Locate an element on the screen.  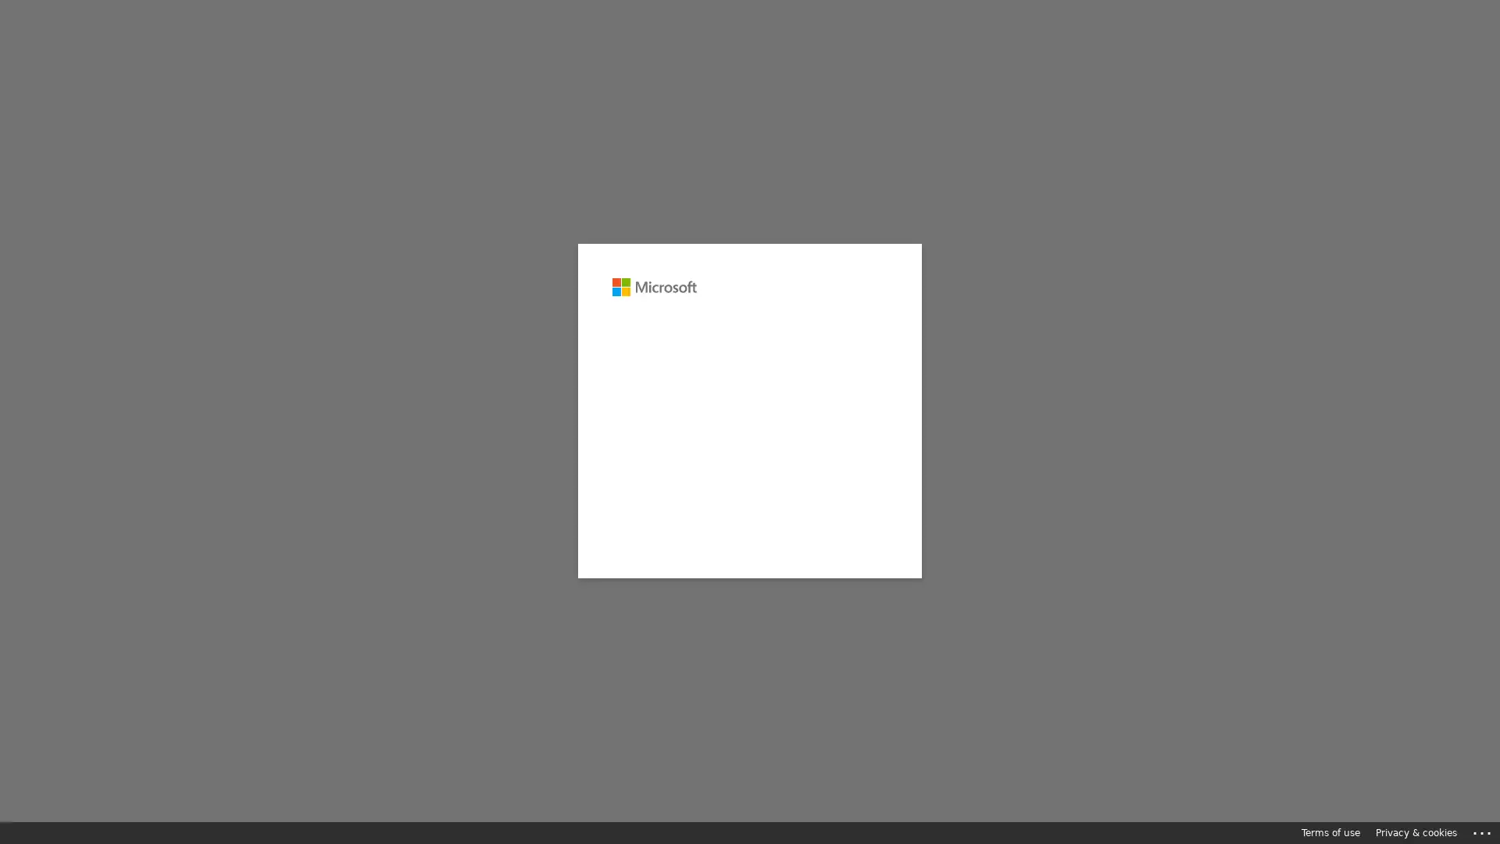
Sign-in options is located at coordinates (750, 585).